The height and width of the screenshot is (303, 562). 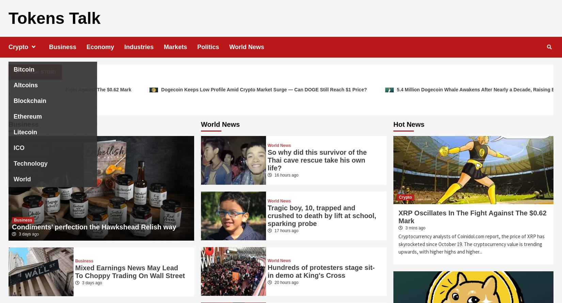 What do you see at coordinates (399, 244) in the screenshot?
I see `'Cryptocurrency analysts of Coinidol.com report, the price of XRP has skyrocketed since October 19. The cryptocurrency value is trending upwards, with higher highs and higher...'` at bounding box center [399, 244].